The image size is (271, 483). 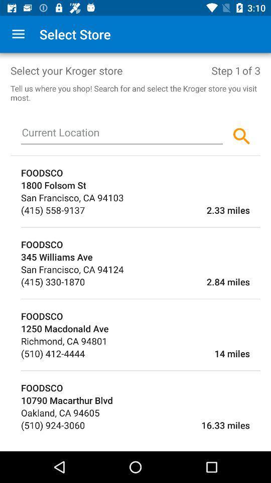 I want to click on the 10790 macarthur blvd item, so click(x=140, y=400).